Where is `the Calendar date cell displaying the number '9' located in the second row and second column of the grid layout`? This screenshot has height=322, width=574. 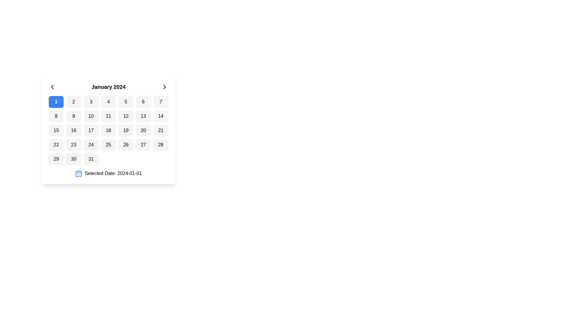
the Calendar date cell displaying the number '9' located in the second row and second column of the grid layout is located at coordinates (73, 116).